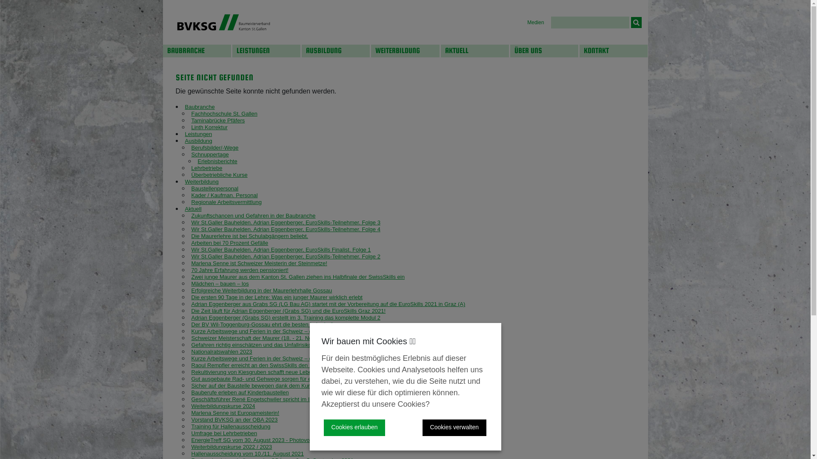 The image size is (817, 459). What do you see at coordinates (269, 337) in the screenshot?
I see `'Schweizer Meisterschaft der Maurer (18. - 21. November 2020)'` at bounding box center [269, 337].